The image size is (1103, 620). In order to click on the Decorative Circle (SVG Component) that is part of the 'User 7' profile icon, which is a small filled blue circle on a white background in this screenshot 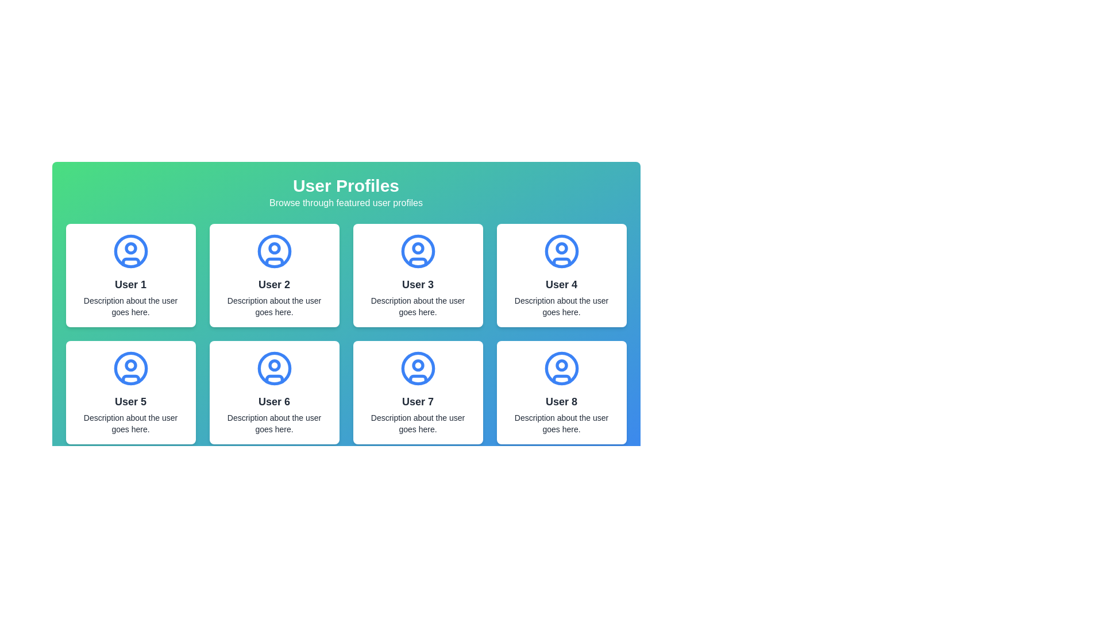, I will do `click(417, 365)`.